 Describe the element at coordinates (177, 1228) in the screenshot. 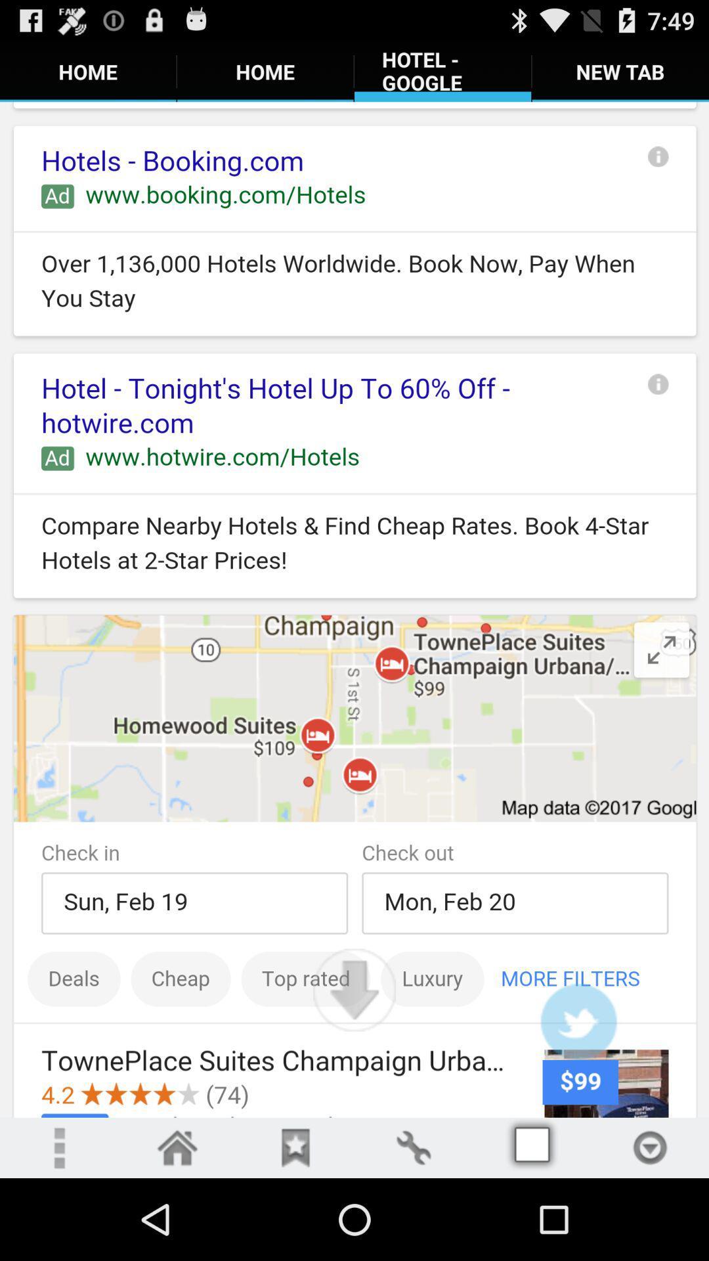

I see `the home icon` at that location.